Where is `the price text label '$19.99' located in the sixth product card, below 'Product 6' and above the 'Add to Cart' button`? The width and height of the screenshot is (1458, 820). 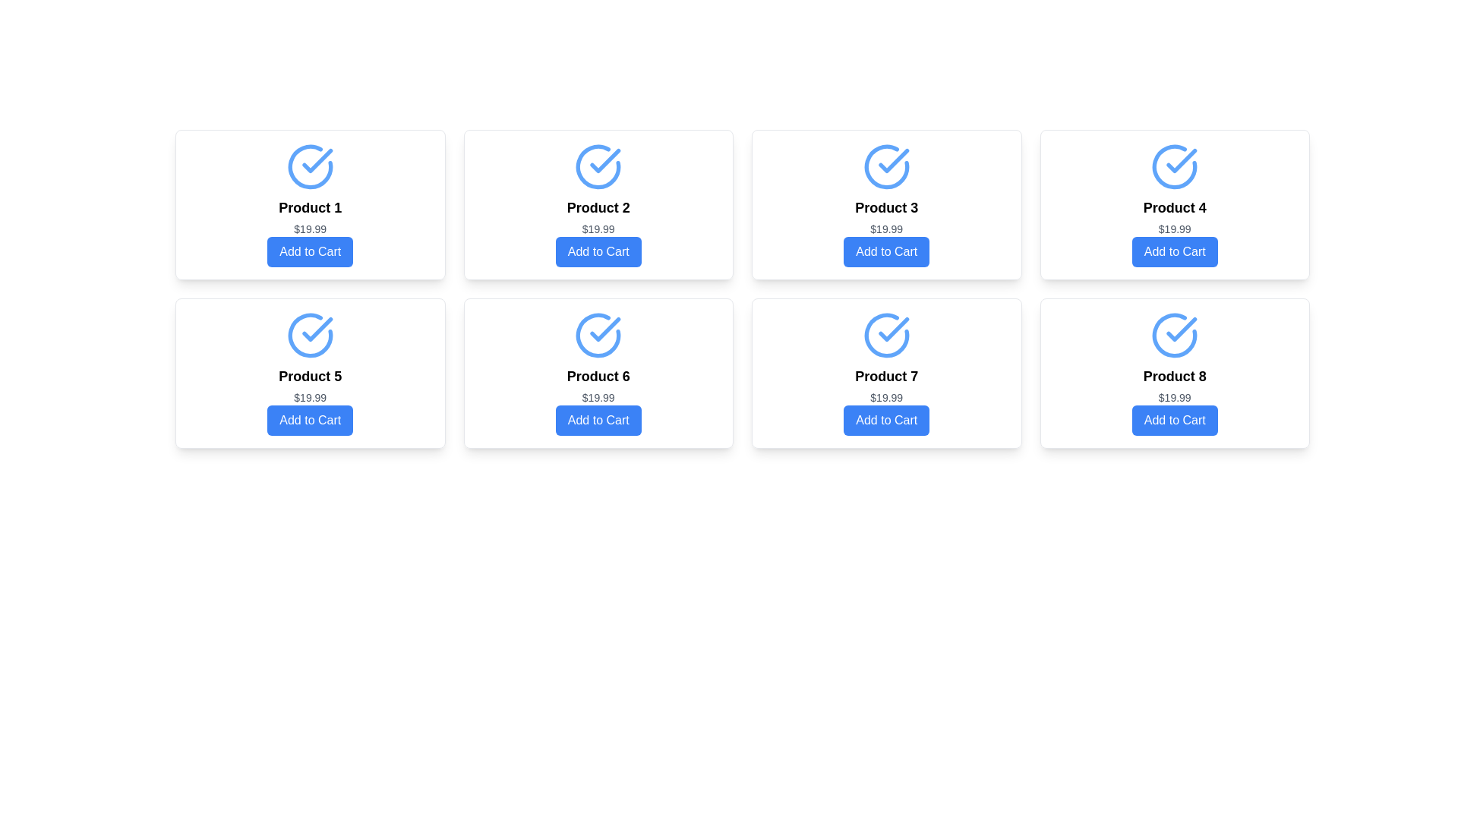 the price text label '$19.99' located in the sixth product card, below 'Product 6' and above the 'Add to Cart' button is located at coordinates (598, 397).